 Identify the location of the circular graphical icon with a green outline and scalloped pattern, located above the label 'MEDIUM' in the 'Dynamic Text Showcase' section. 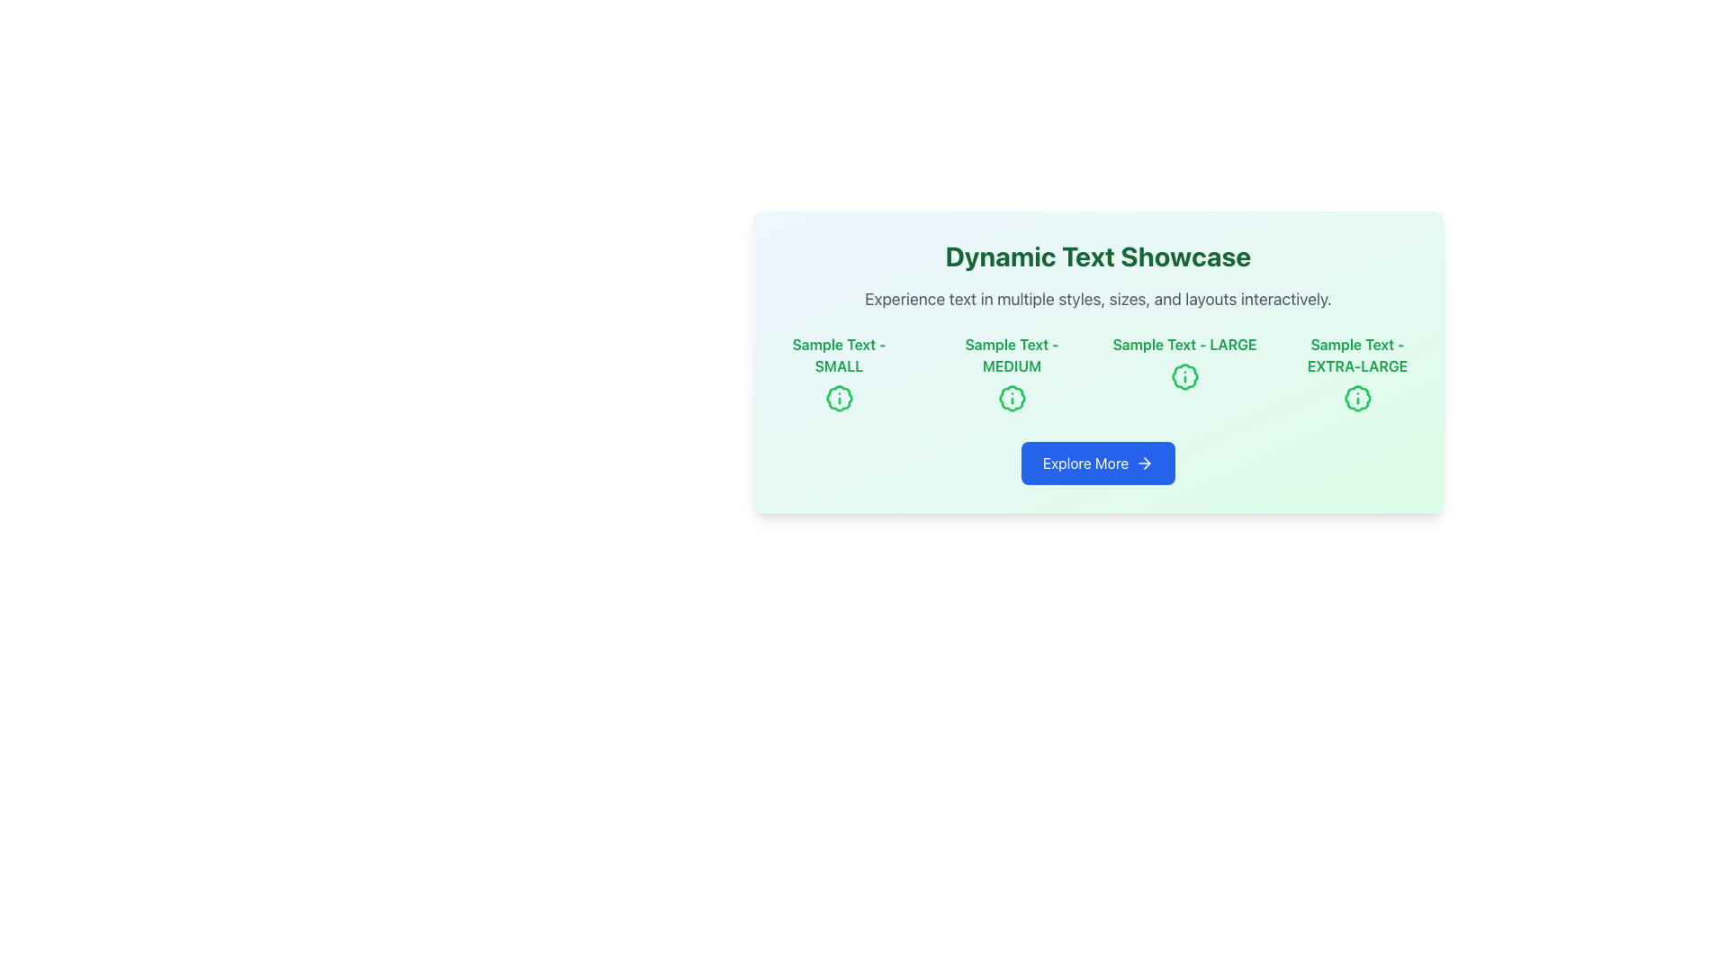
(1012, 398).